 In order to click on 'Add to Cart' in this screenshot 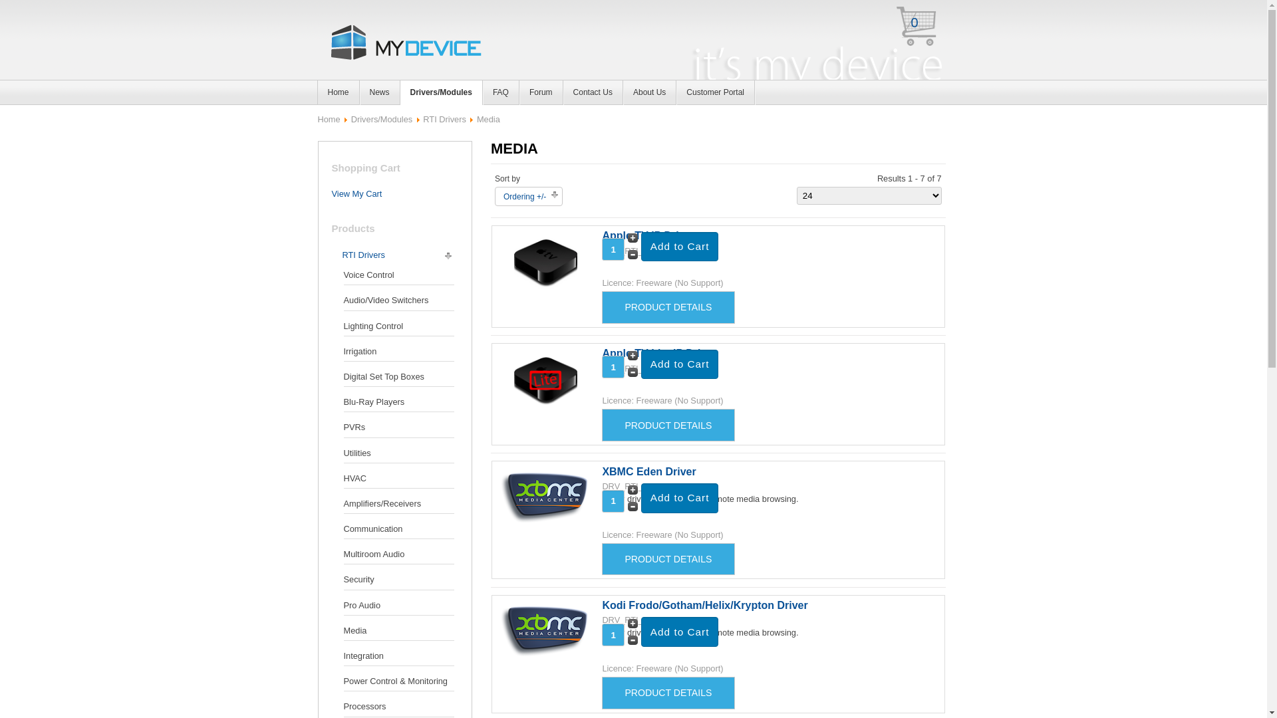, I will do `click(680, 247)`.